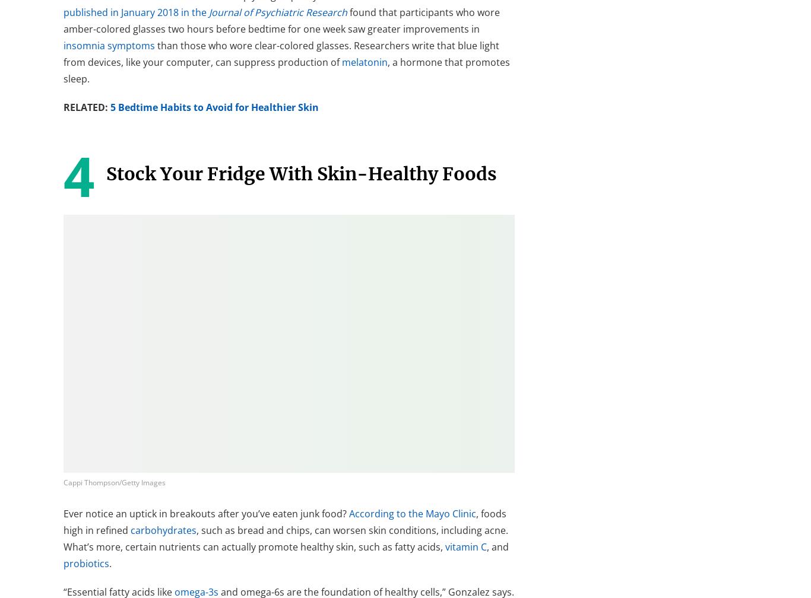  Describe the element at coordinates (130, 529) in the screenshot. I see `'carbohydrates'` at that location.